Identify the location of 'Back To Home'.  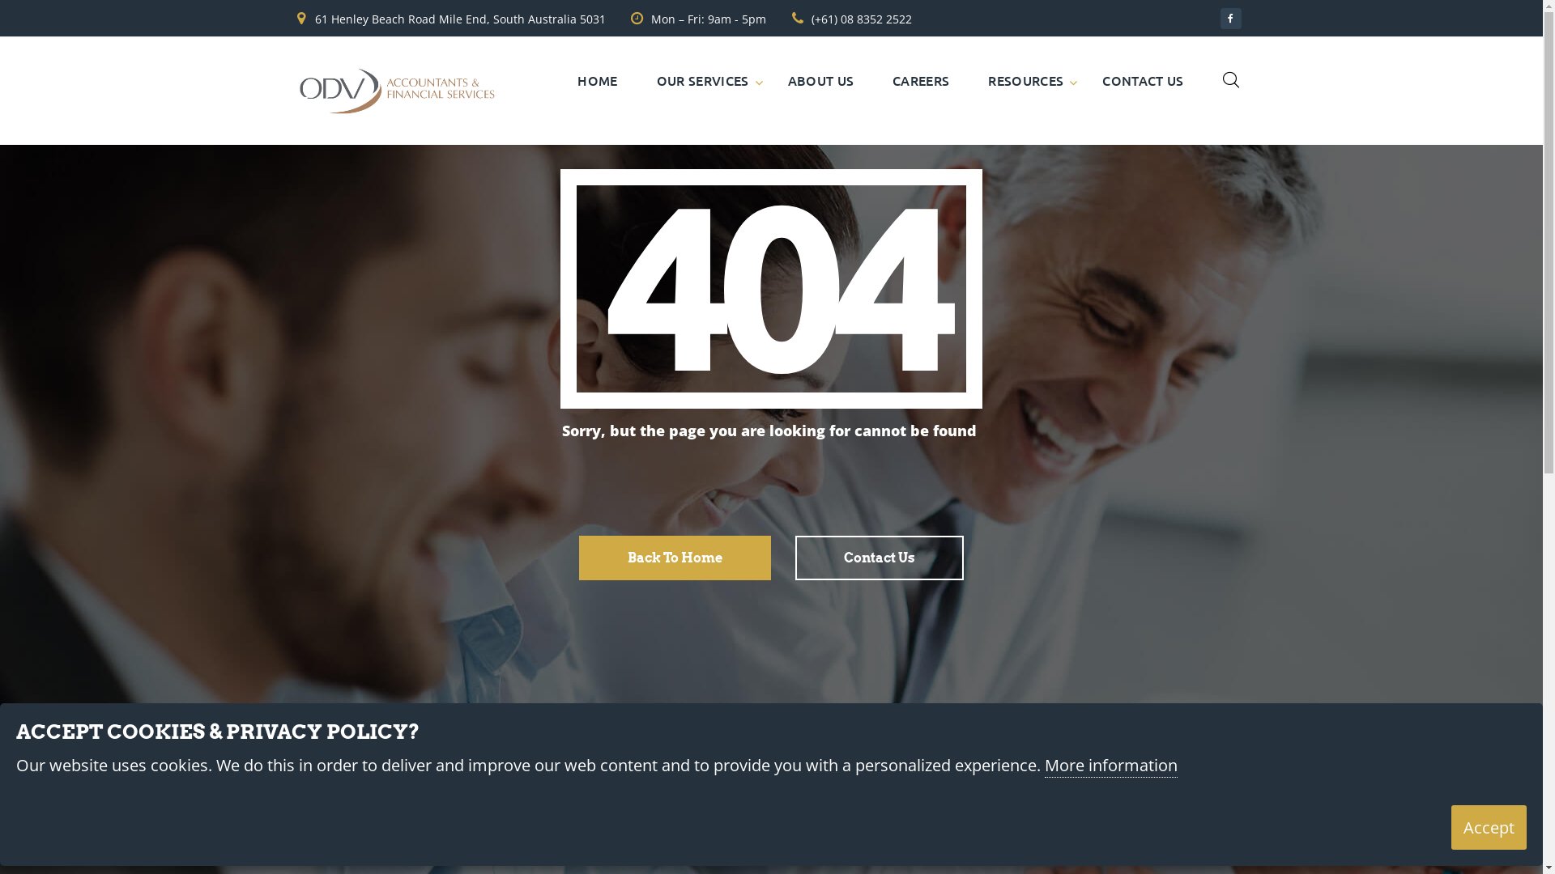
(675, 557).